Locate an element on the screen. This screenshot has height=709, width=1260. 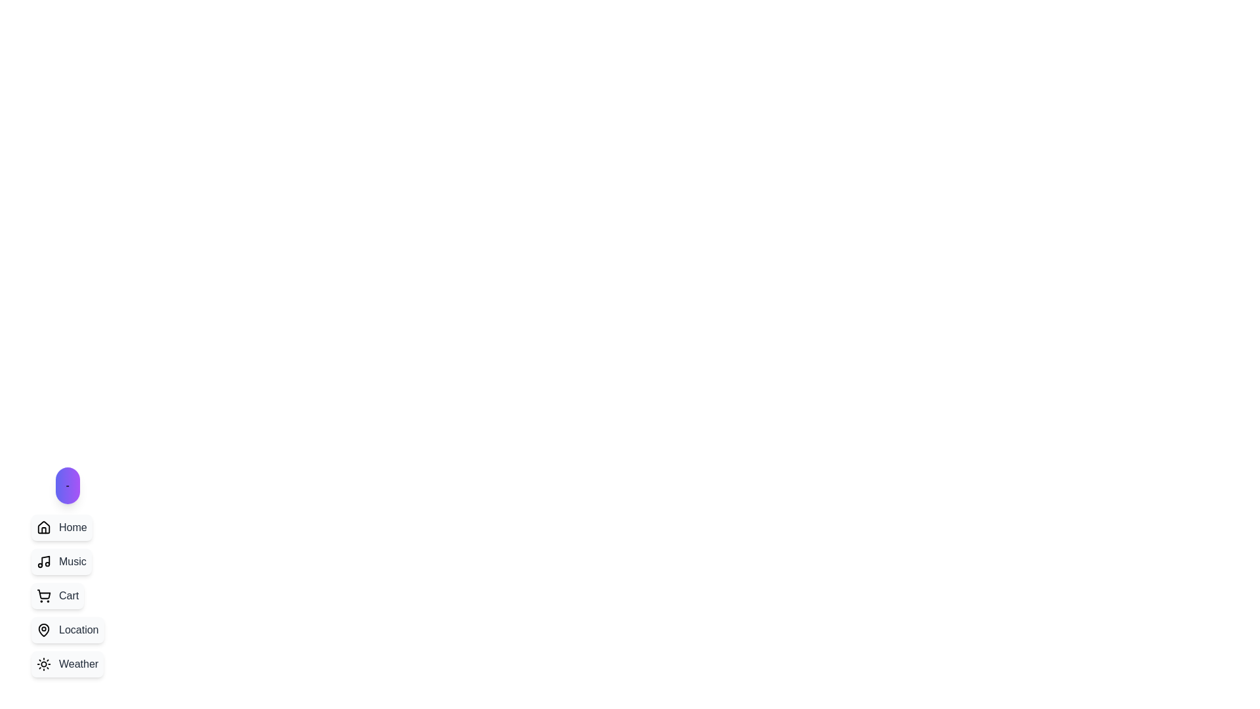
the shopping cart button located in the sidebar menu, which is the third button in a vertical list, to change its background color is located at coordinates (57, 595).